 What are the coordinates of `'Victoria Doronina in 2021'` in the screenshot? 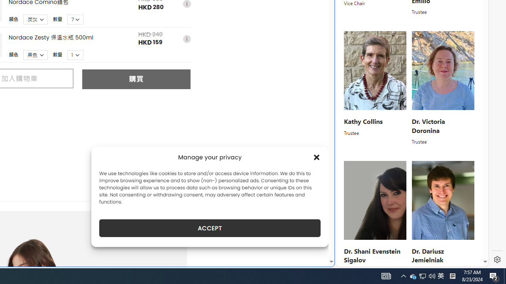 It's located at (443, 70).